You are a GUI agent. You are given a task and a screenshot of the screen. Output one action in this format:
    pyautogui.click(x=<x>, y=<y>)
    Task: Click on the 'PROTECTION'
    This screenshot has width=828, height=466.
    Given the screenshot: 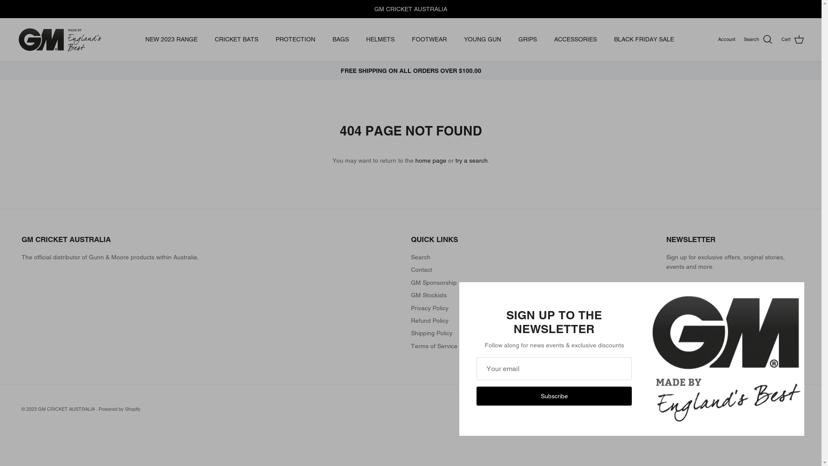 What is the action you would take?
    pyautogui.click(x=295, y=39)
    